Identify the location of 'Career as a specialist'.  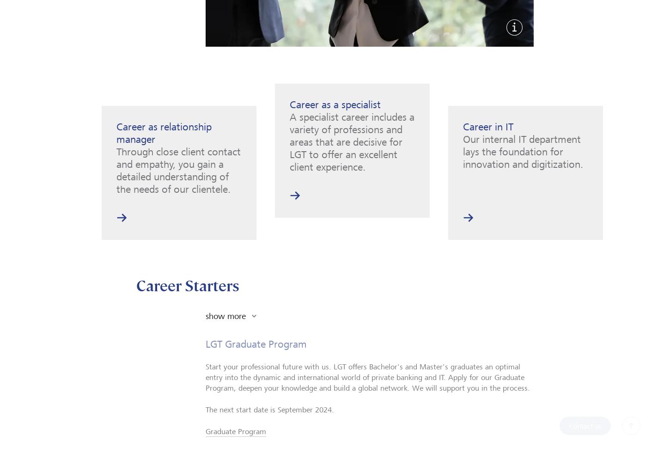
(289, 103).